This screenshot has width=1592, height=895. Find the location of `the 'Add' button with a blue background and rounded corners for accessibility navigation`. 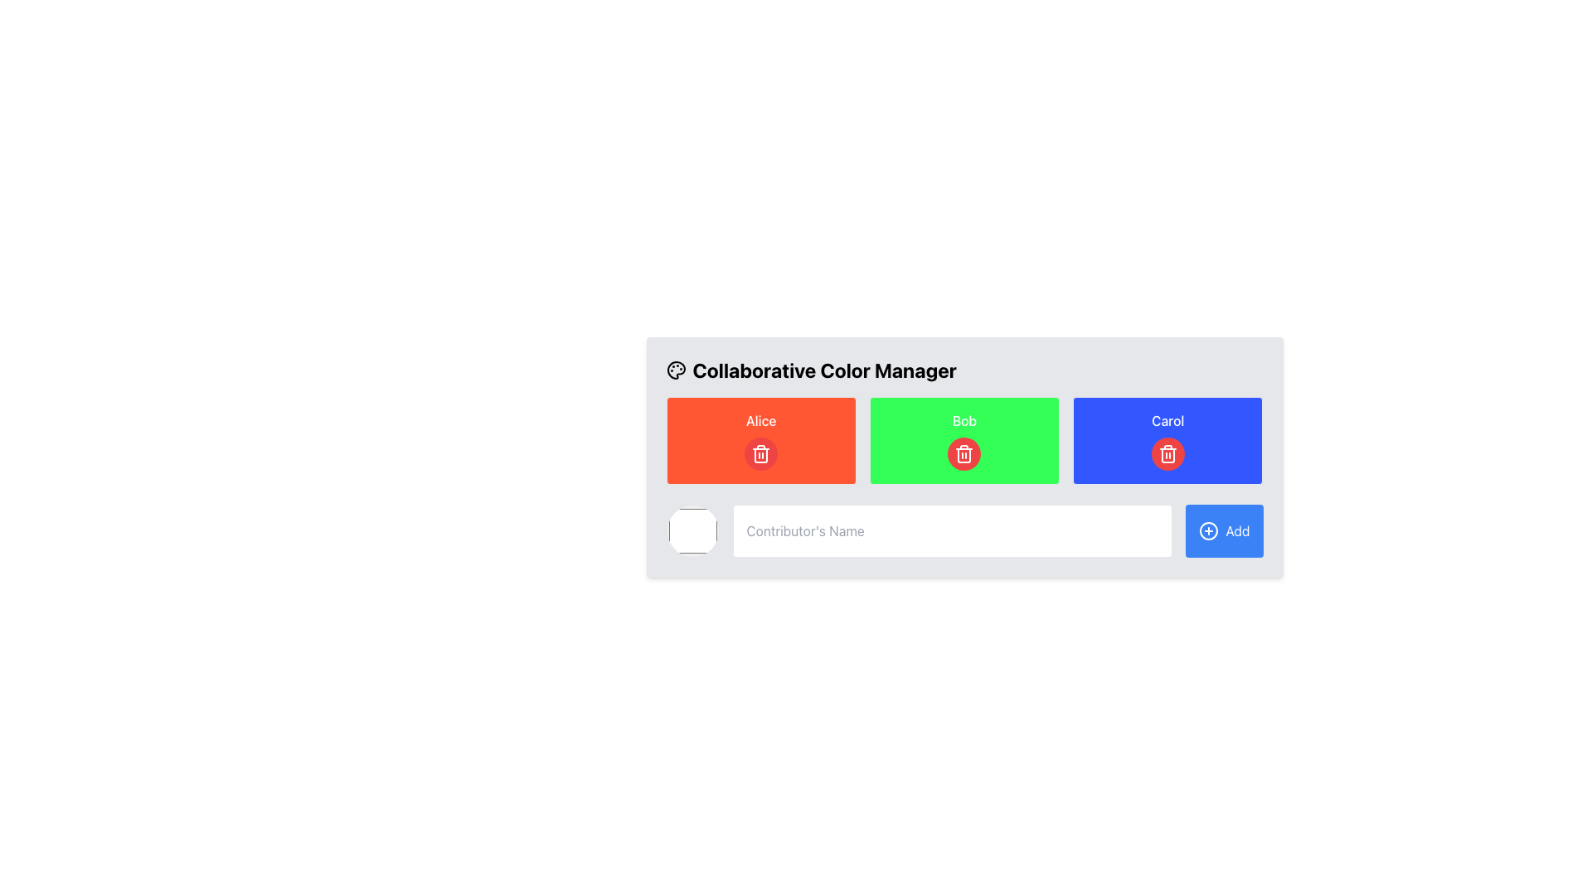

the 'Add' button with a blue background and rounded corners for accessibility navigation is located at coordinates (1225, 530).